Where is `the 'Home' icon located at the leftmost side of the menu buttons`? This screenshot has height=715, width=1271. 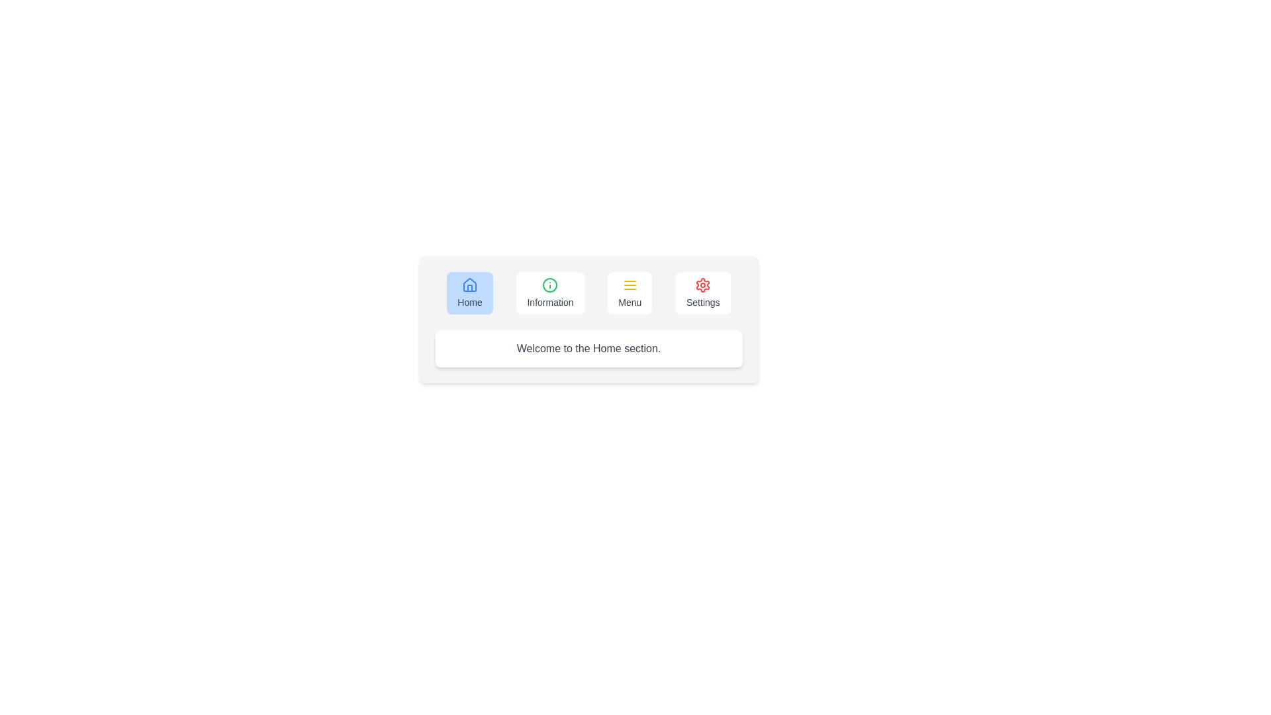
the 'Home' icon located at the leftmost side of the menu buttons is located at coordinates (470, 285).